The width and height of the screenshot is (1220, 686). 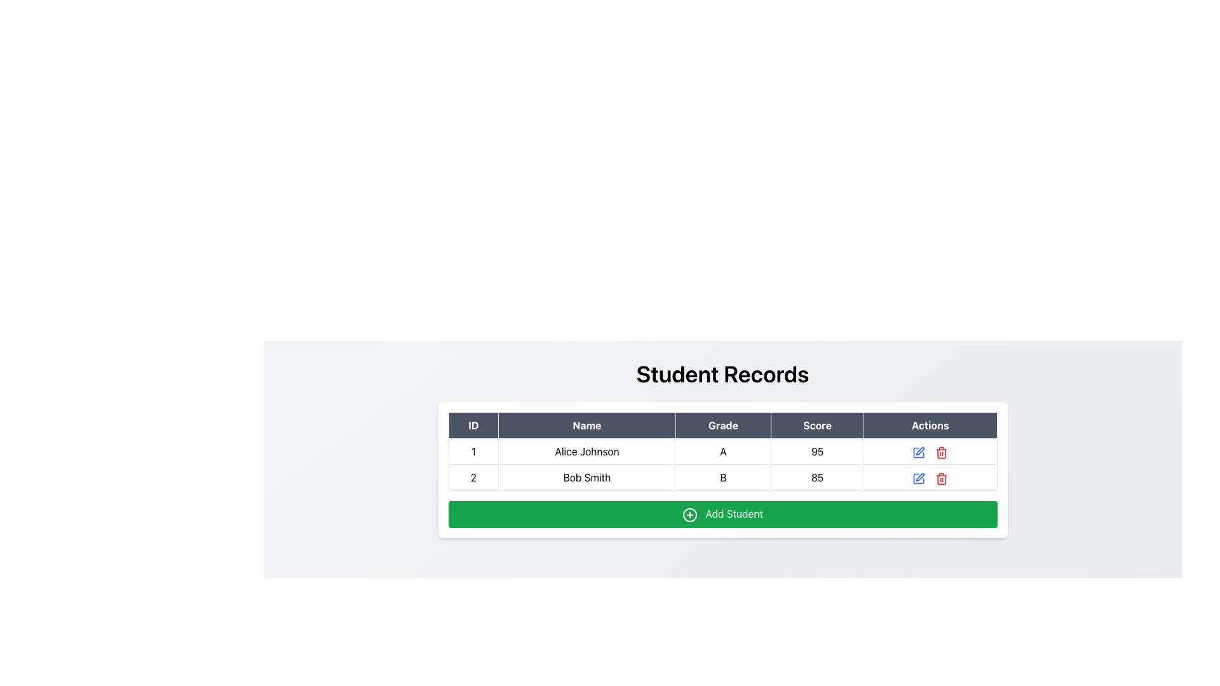 I want to click on text of the 'Grade' column header, which is the third column header in the data table, centrally positioned between the 'Name' and 'Score' headers, so click(x=722, y=426).